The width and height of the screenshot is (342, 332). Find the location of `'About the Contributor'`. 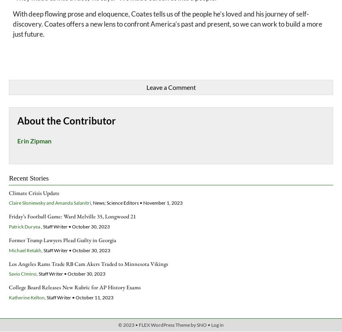

'About the Contributor' is located at coordinates (66, 120).